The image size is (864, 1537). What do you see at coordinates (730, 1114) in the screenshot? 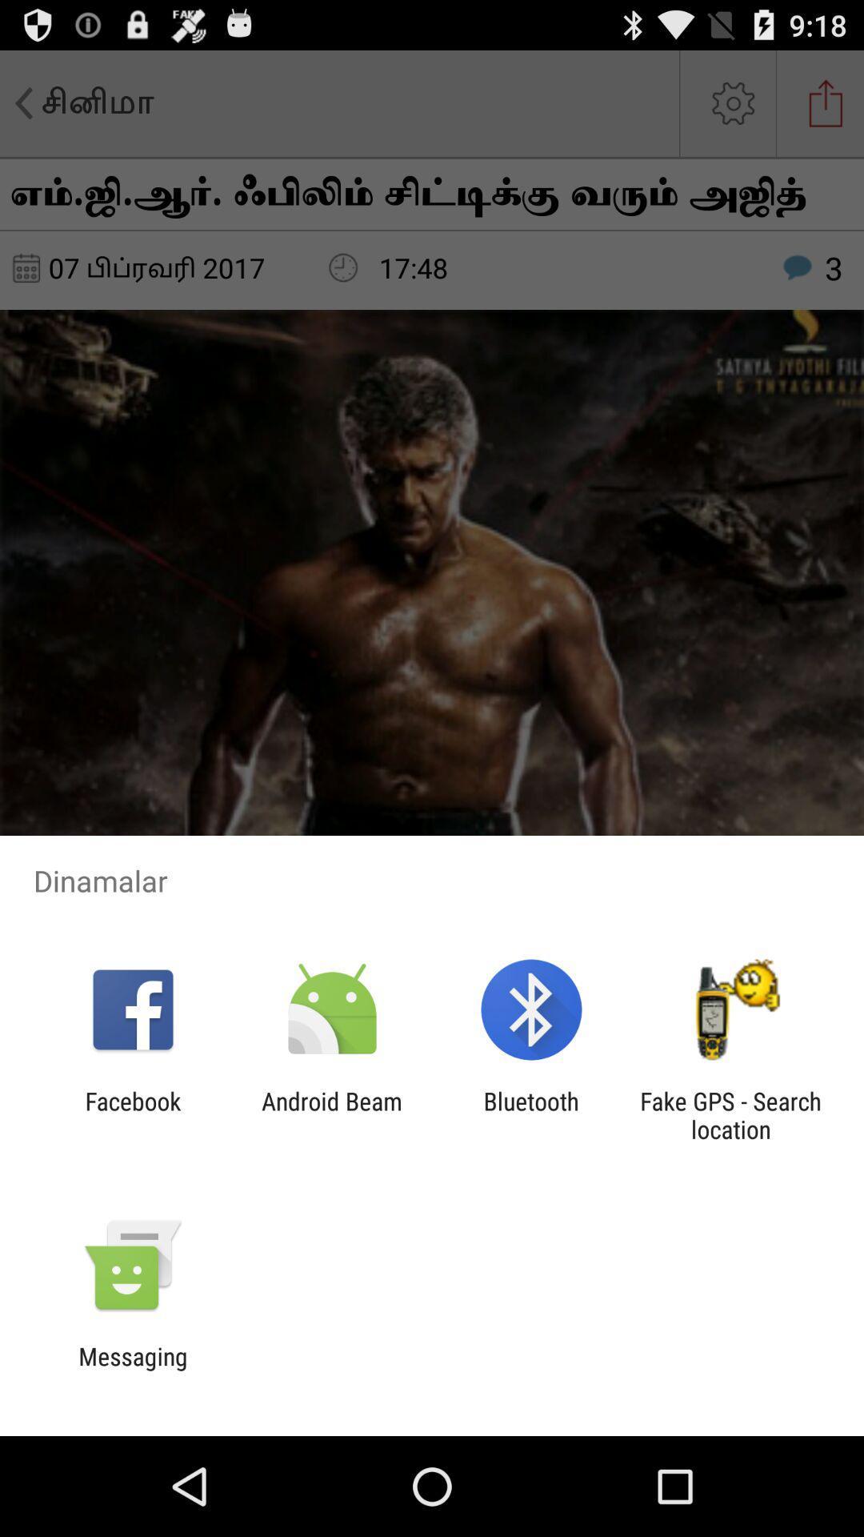
I see `the icon at the bottom right corner` at bounding box center [730, 1114].